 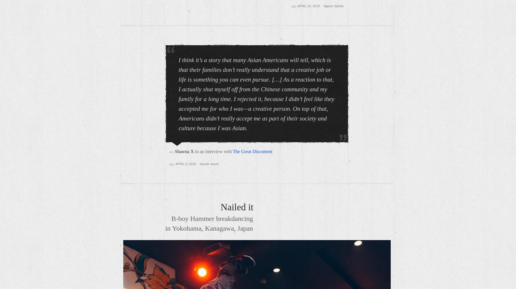 I want to click on 'I think it’s a story that many Asian Americans will tell, which is that their families don’t really understand that a creative job or life is something you can even pursue. […] As a reaction to that, I actually shut myself off from the Chinese community and my family for a long time. I rejected it, because I didn’t feel like they accepted me for who I was—a creative person. On top of that, Americans didn’t really accept me as part of their society and culture because I was Asian.', so click(x=256, y=94).